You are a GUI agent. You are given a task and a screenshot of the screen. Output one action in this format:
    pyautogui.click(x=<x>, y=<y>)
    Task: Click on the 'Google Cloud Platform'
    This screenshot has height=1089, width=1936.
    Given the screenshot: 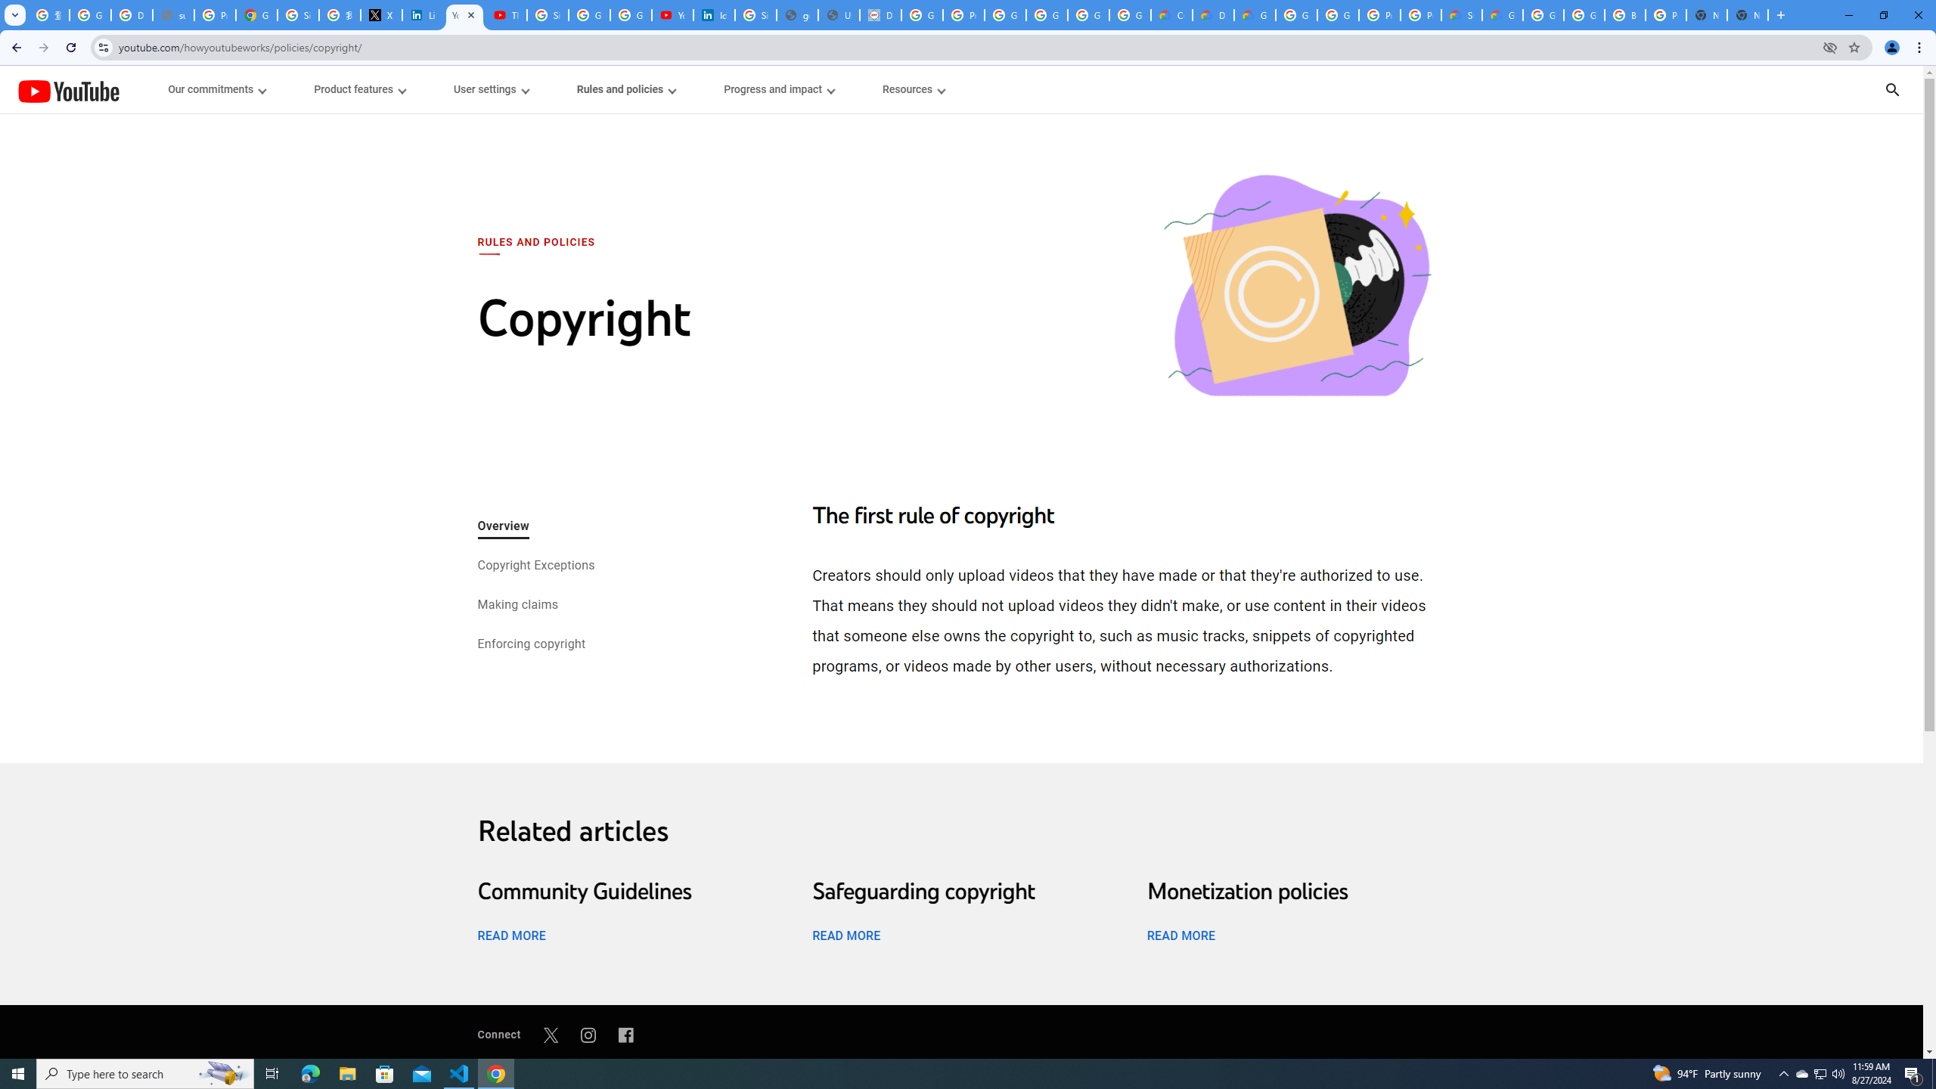 What is the action you would take?
    pyautogui.click(x=1337, y=14)
    